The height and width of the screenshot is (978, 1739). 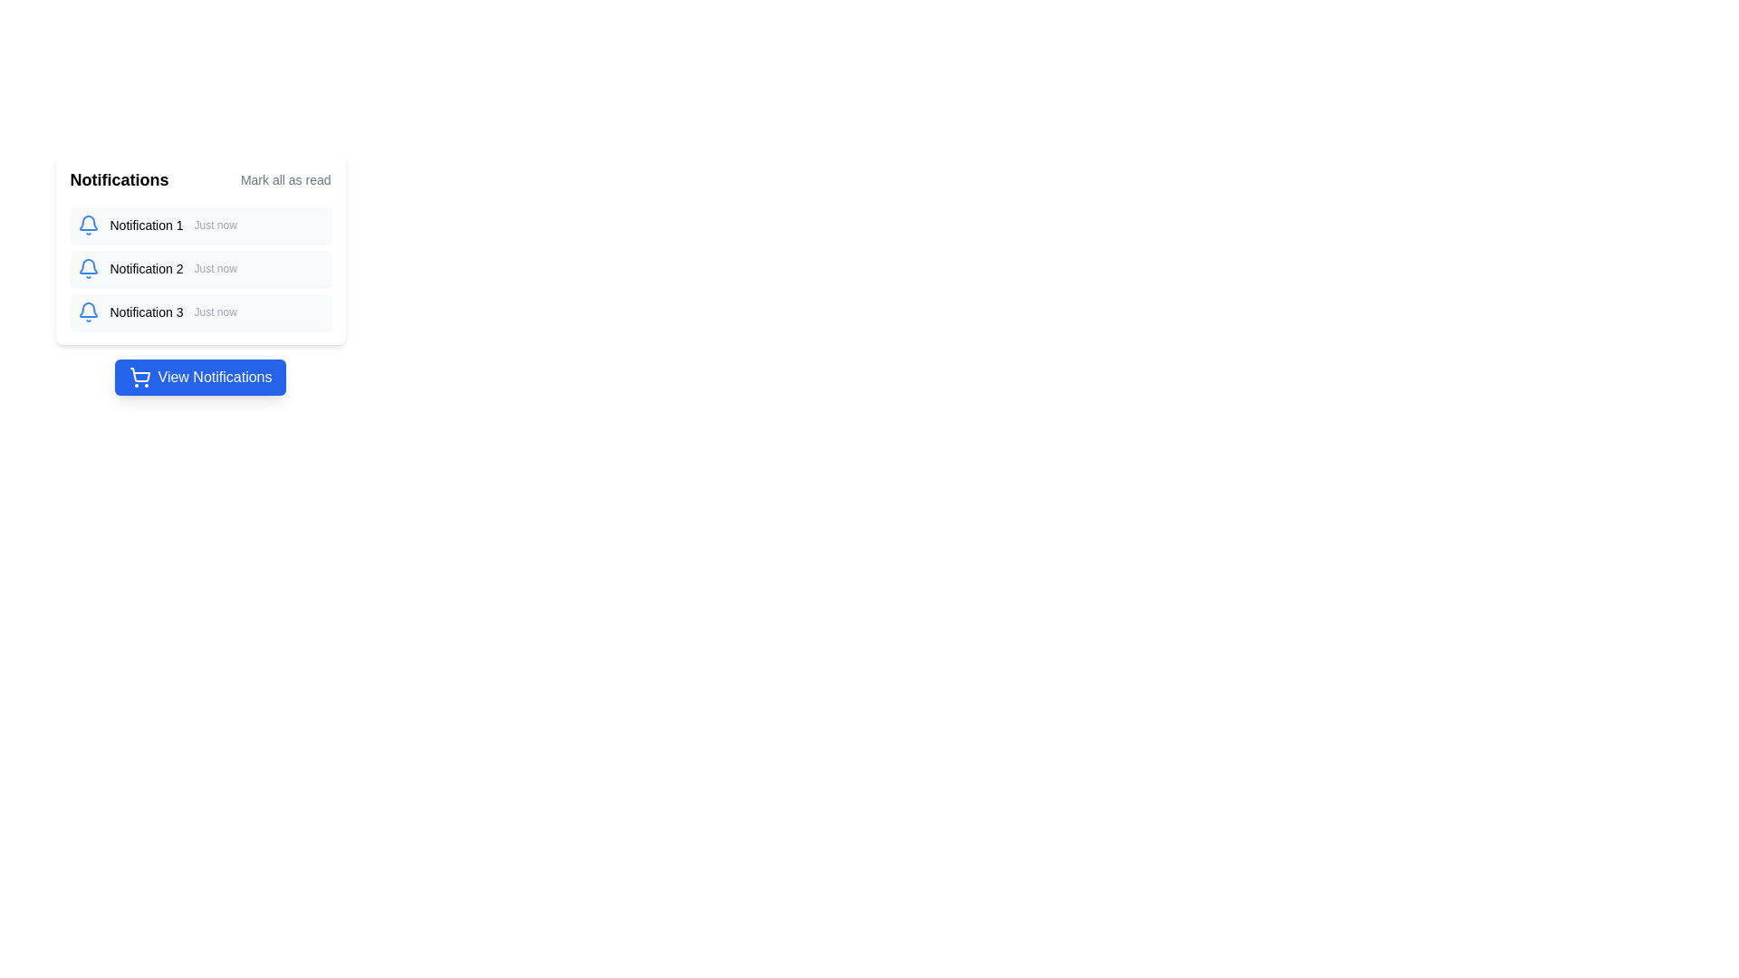 What do you see at coordinates (200, 225) in the screenshot?
I see `the first notification card in the notifications list, which has a rounded rectangle shape, light gray background, and contains a blue bell icon and the text 'Notification 1'` at bounding box center [200, 225].